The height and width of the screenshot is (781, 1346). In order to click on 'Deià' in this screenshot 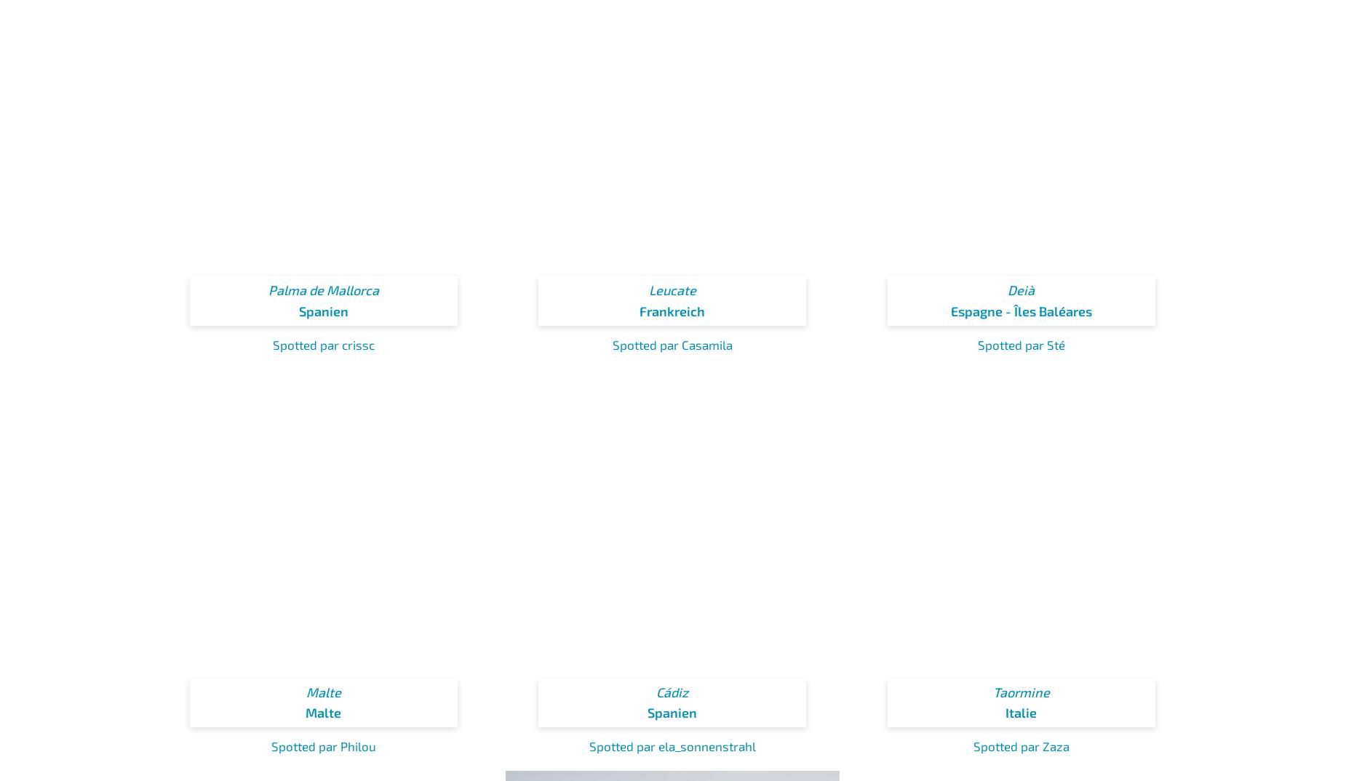, I will do `click(1021, 289)`.